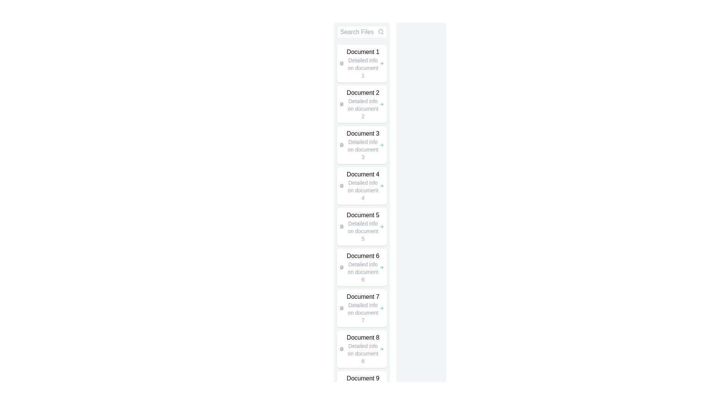  I want to click on the navigation icon located at the far right of the 'Document 5' card, which signifies further action or details related to the card, so click(382, 226).